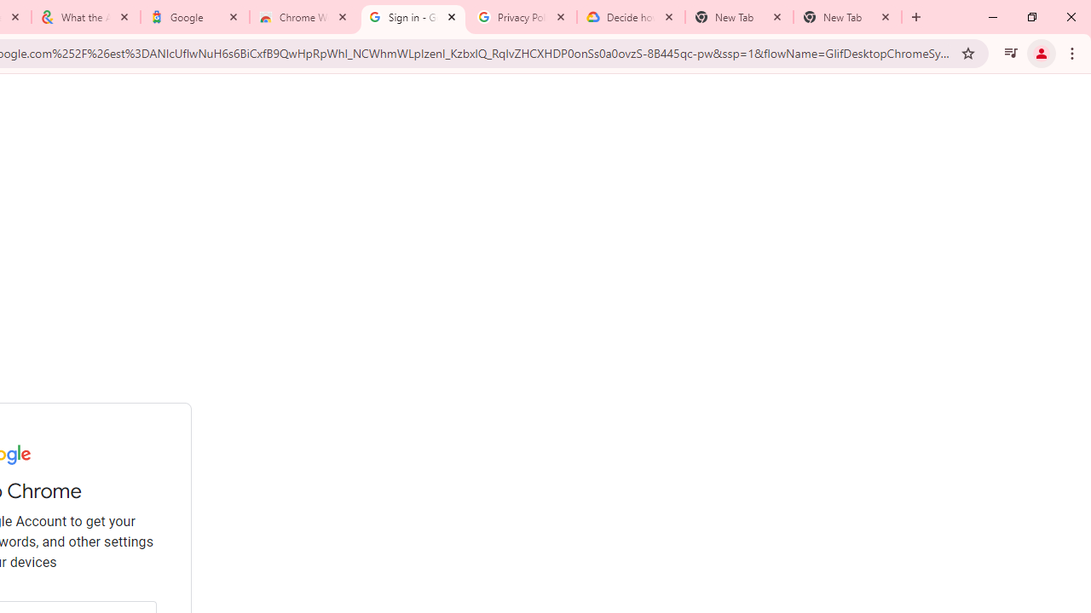 This screenshot has width=1091, height=613. Describe the element at coordinates (195, 17) in the screenshot. I see `'Google'` at that location.